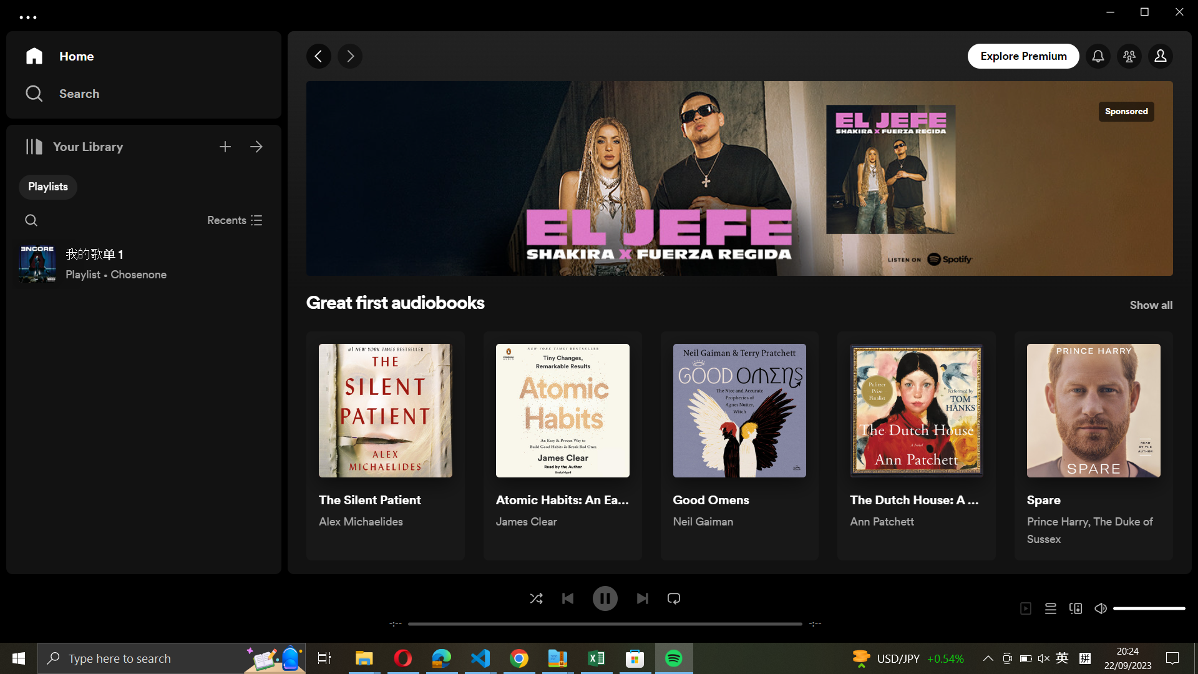  What do you see at coordinates (235, 218) in the screenshot?
I see `Shut down presently running audiobooks` at bounding box center [235, 218].